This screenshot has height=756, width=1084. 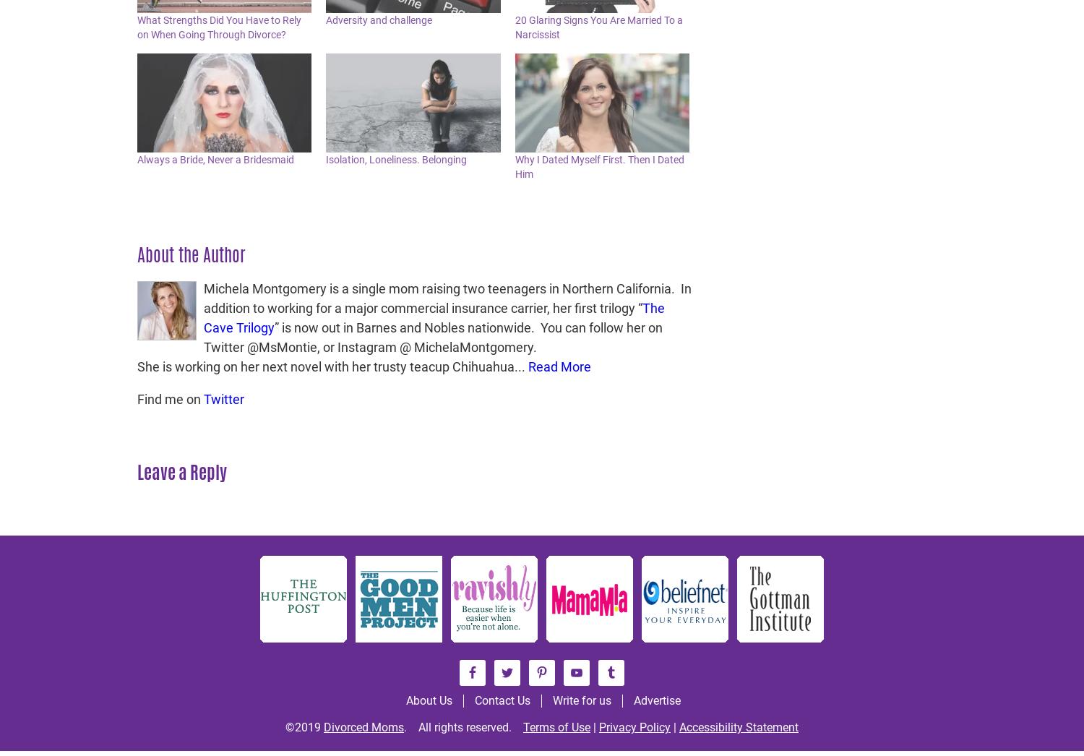 What do you see at coordinates (429, 700) in the screenshot?
I see `'About Us'` at bounding box center [429, 700].